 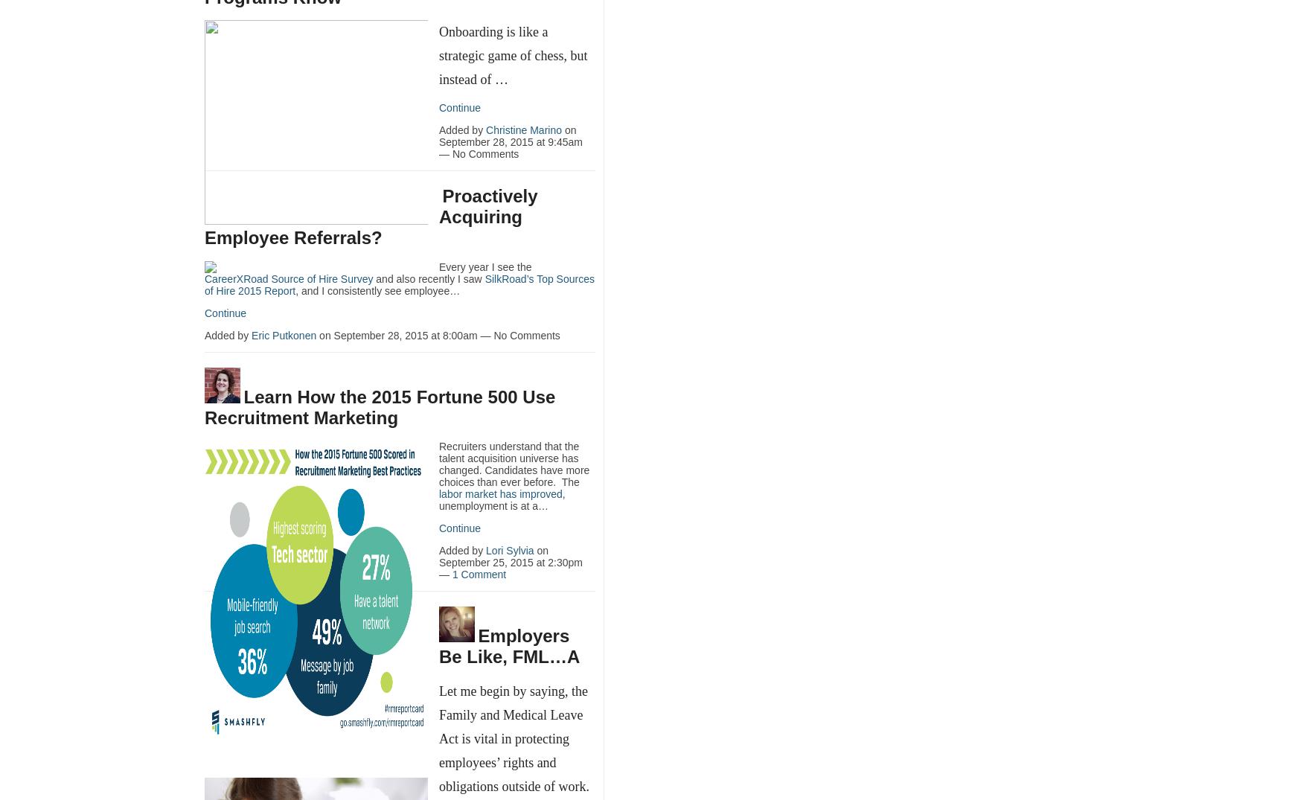 I want to click on 'Every year I see the', so click(x=484, y=266).